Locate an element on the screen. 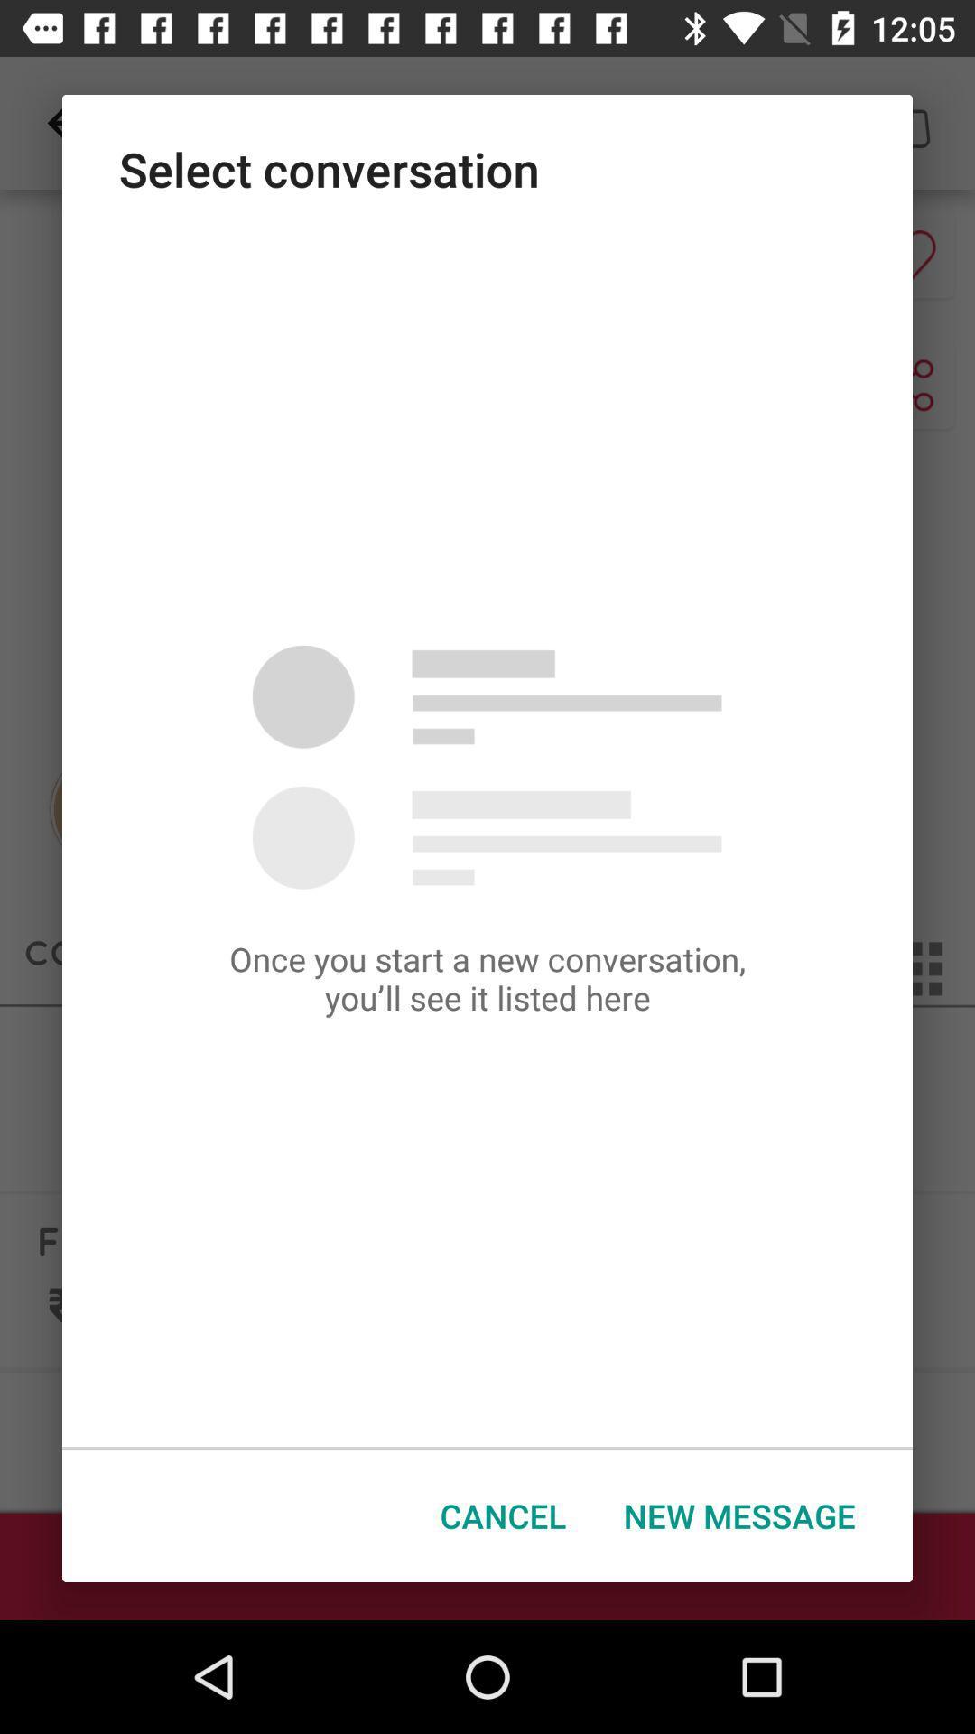 This screenshot has width=975, height=1734. new message icon is located at coordinates (739, 1515).